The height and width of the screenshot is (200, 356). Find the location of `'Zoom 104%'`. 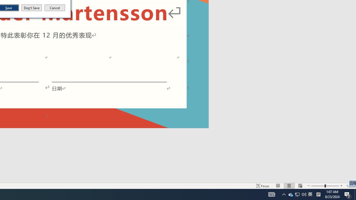

'Zoom 104%' is located at coordinates (355, 194).